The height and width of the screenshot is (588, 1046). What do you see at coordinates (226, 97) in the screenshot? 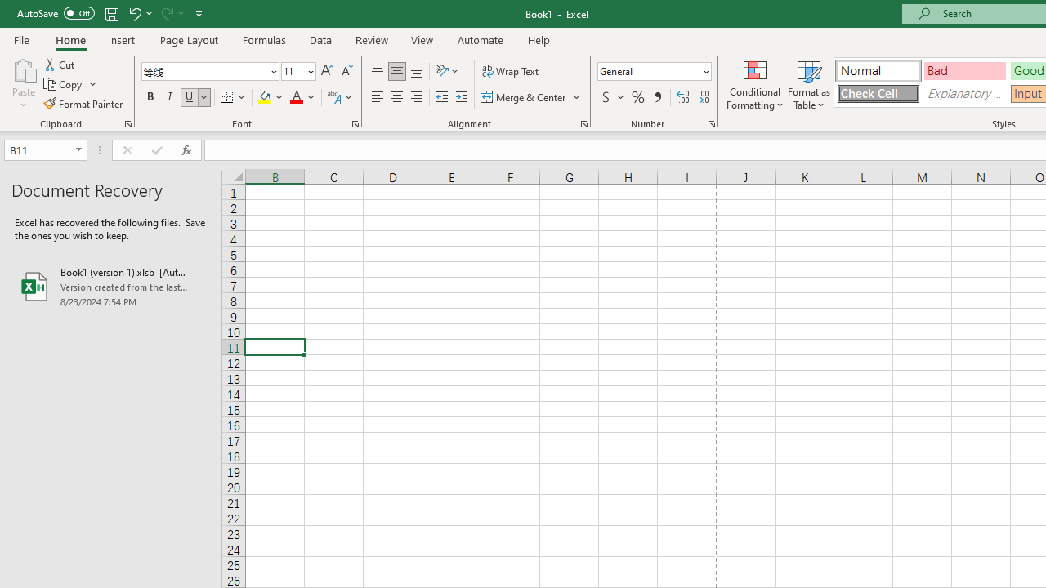
I see `'Bottom Border'` at bounding box center [226, 97].